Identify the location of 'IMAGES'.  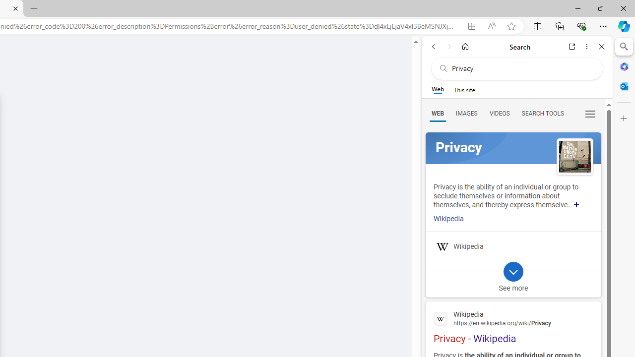
(466, 113).